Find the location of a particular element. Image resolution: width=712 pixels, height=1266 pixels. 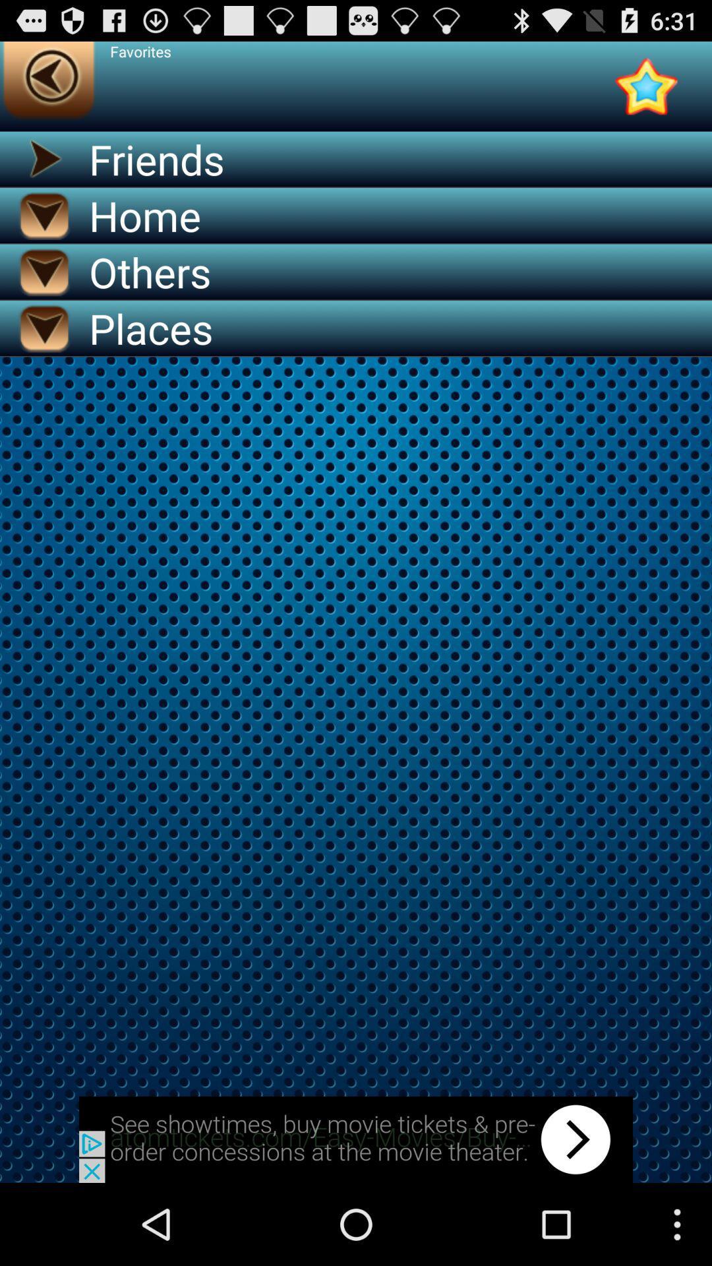

open advertisement is located at coordinates (356, 1139).